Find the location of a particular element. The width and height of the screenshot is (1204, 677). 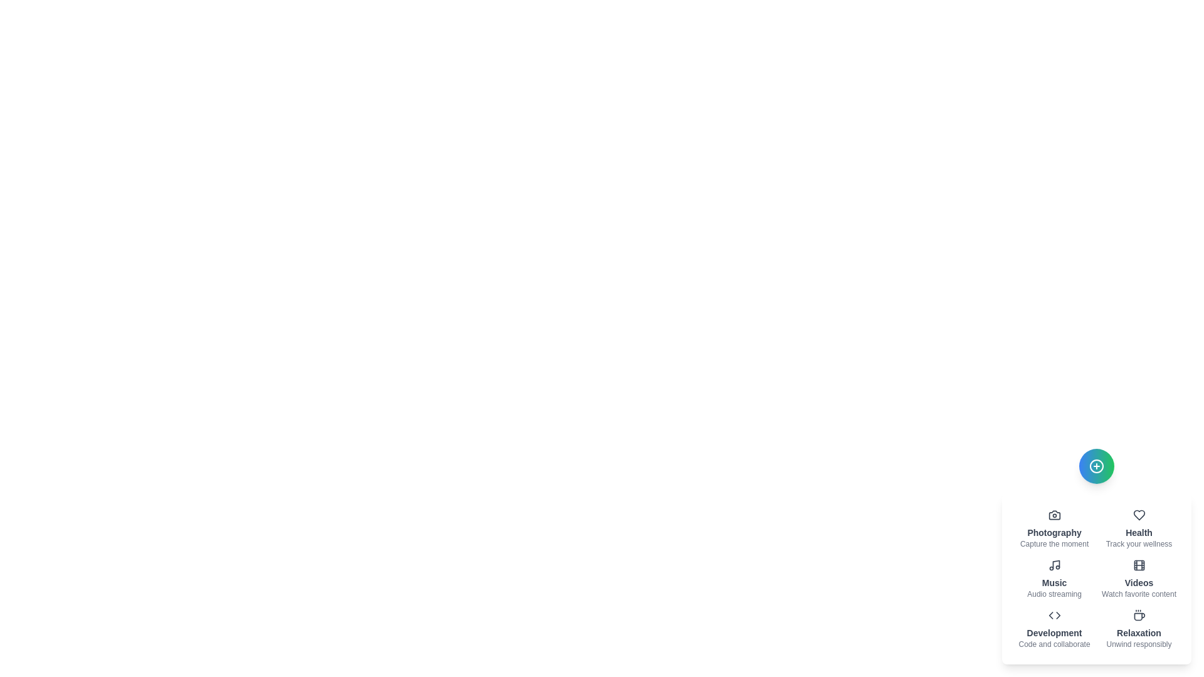

the item labeled 'Development' to observe its hover effect is located at coordinates (1053, 629).